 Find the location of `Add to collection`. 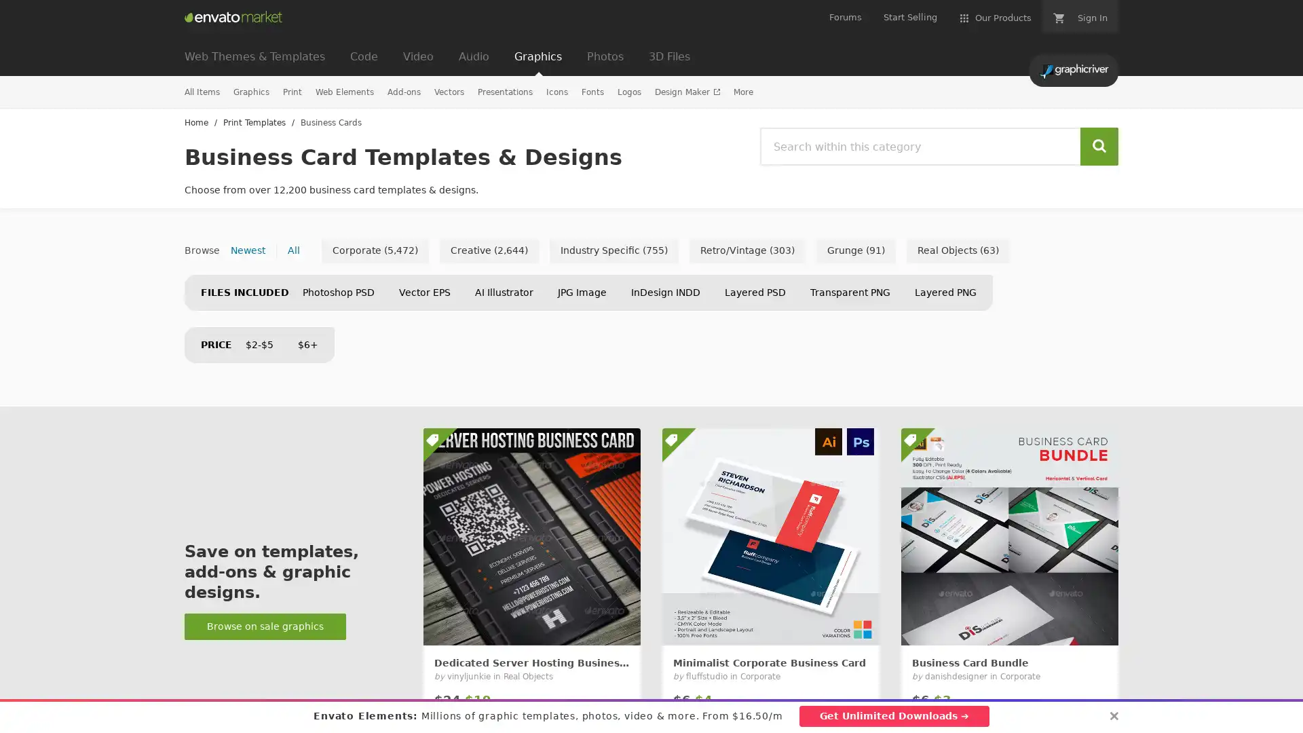

Add to collection is located at coordinates (1064, 626).